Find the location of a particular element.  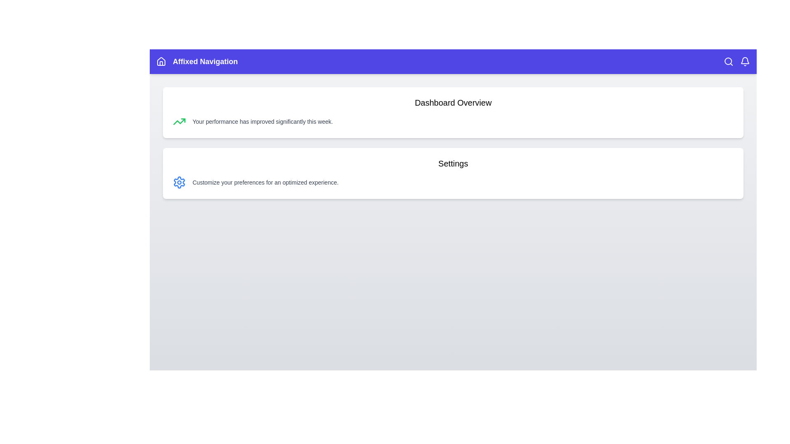

the green upward trending arrow icon in the 'Dashboard Overview' section, which visually represents a positive trend and is positioned to the left of the text 'Your performance has improved significantly this week.' is located at coordinates (179, 122).